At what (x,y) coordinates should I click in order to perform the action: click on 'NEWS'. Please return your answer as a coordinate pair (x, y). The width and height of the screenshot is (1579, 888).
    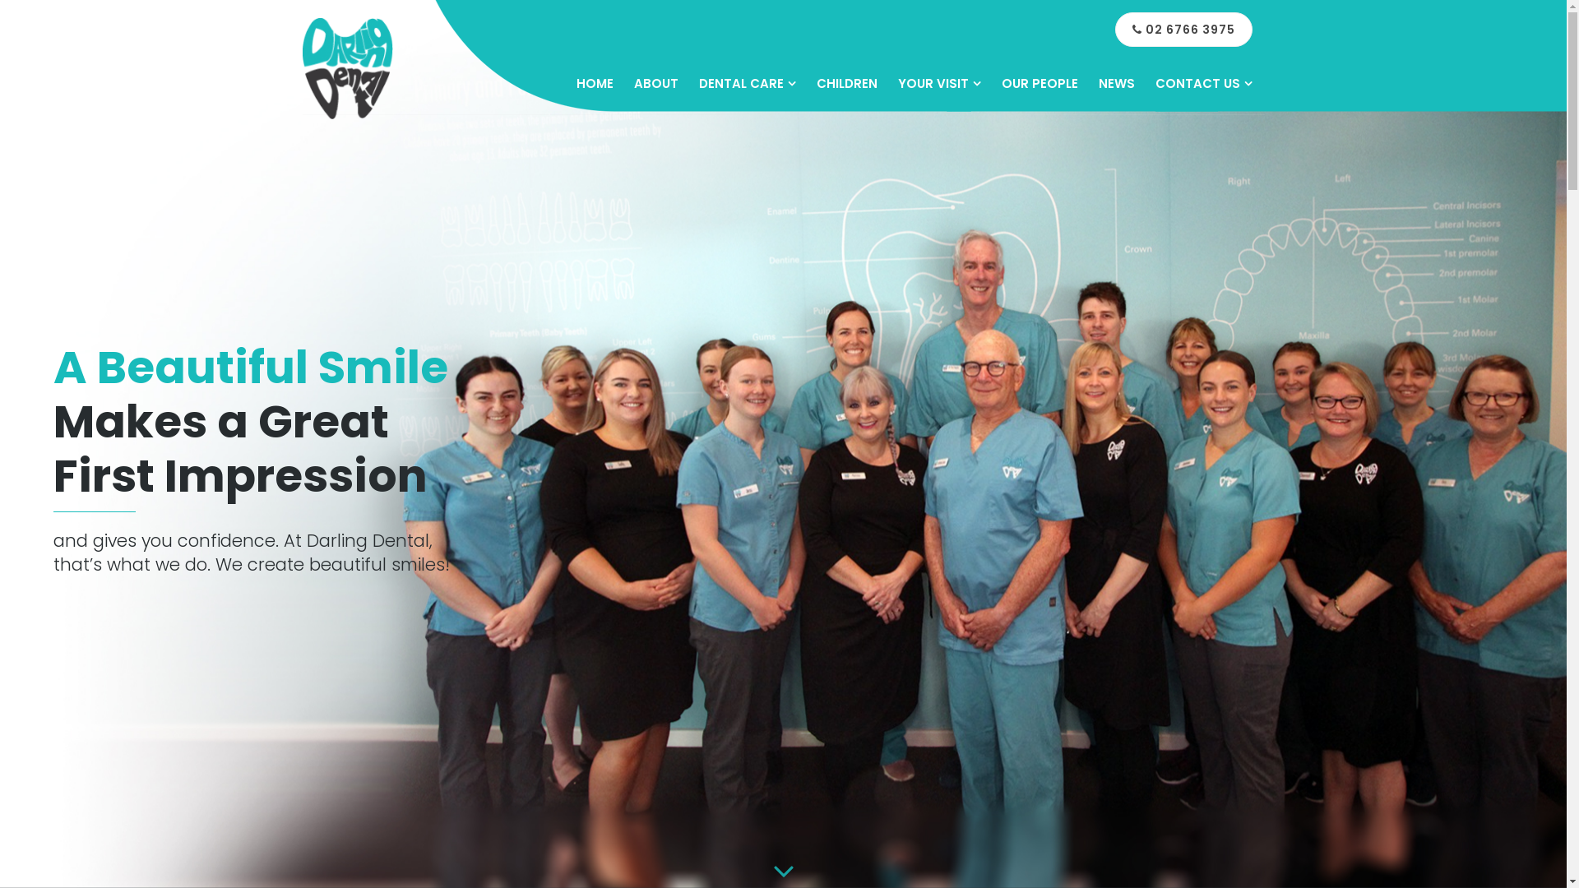
    Looking at the image, I should click on (1117, 83).